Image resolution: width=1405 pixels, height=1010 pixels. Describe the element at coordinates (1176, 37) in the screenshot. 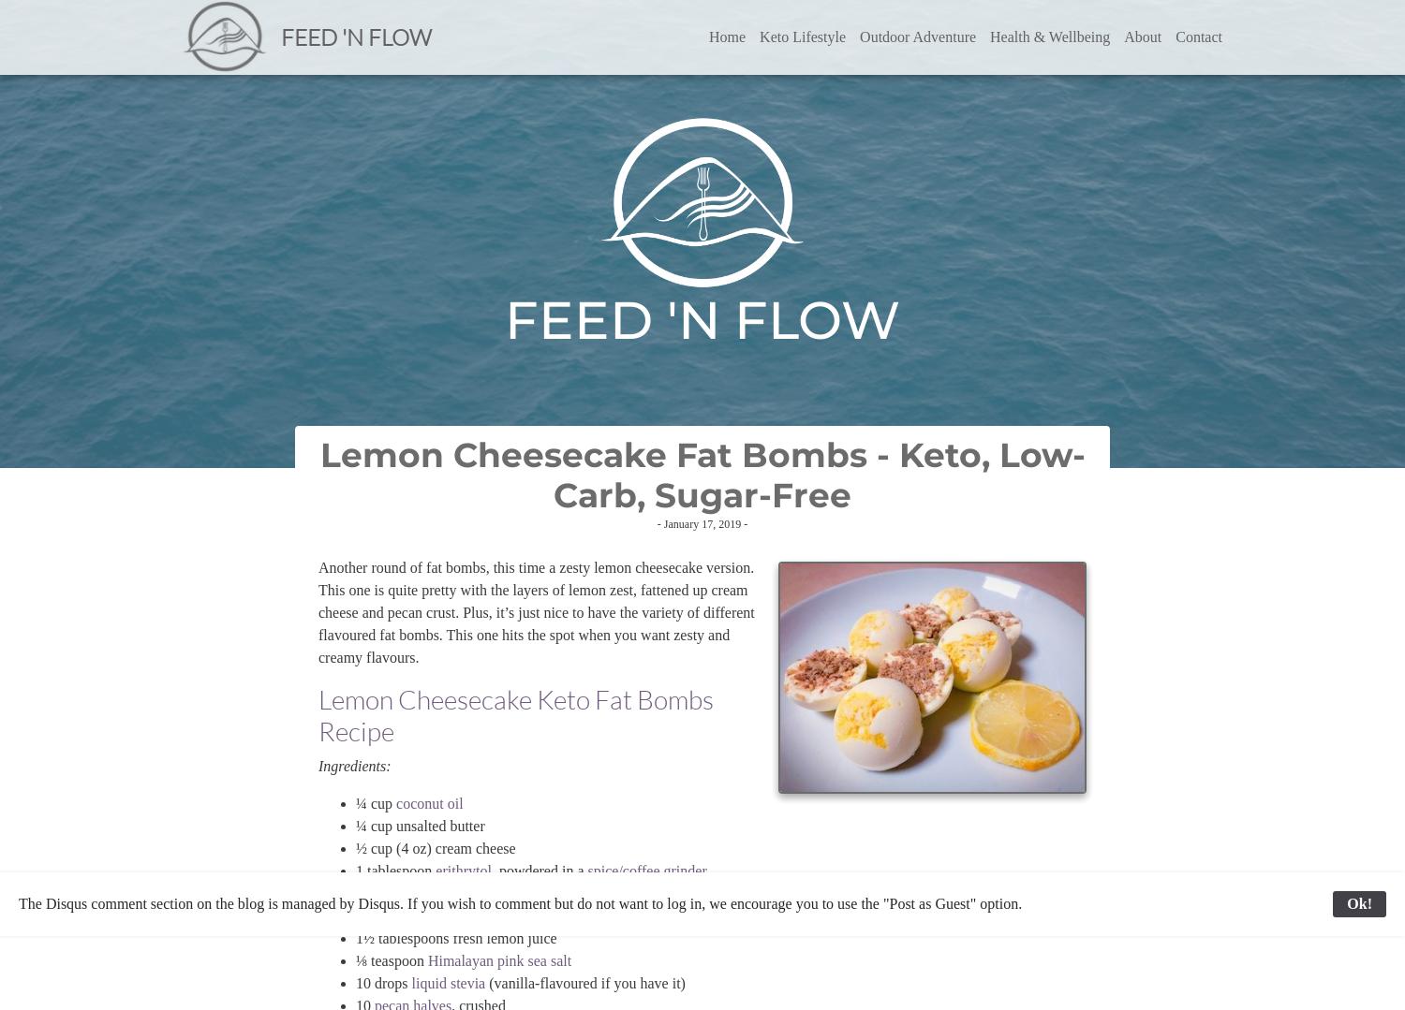

I see `'Contact'` at that location.